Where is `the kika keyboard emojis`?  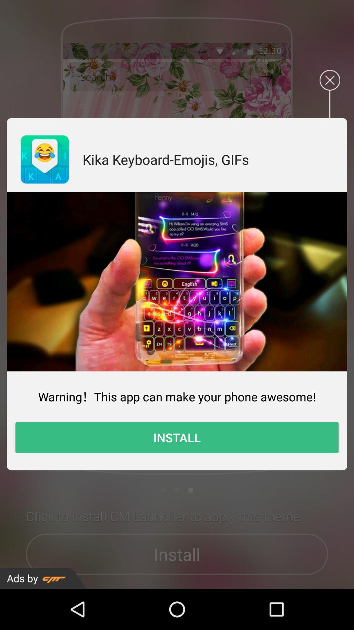 the kika keyboard emojis is located at coordinates (165, 159).